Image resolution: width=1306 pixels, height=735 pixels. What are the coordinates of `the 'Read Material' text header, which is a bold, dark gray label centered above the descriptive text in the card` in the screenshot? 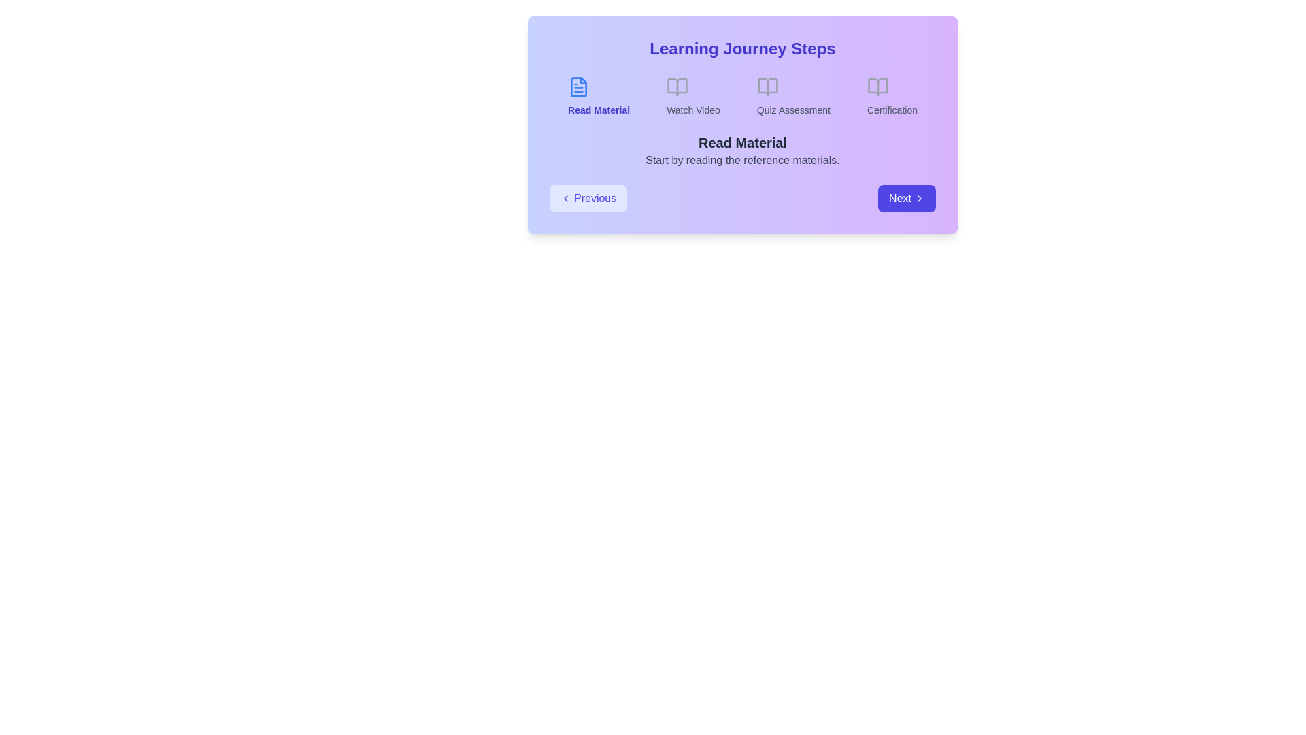 It's located at (741, 142).